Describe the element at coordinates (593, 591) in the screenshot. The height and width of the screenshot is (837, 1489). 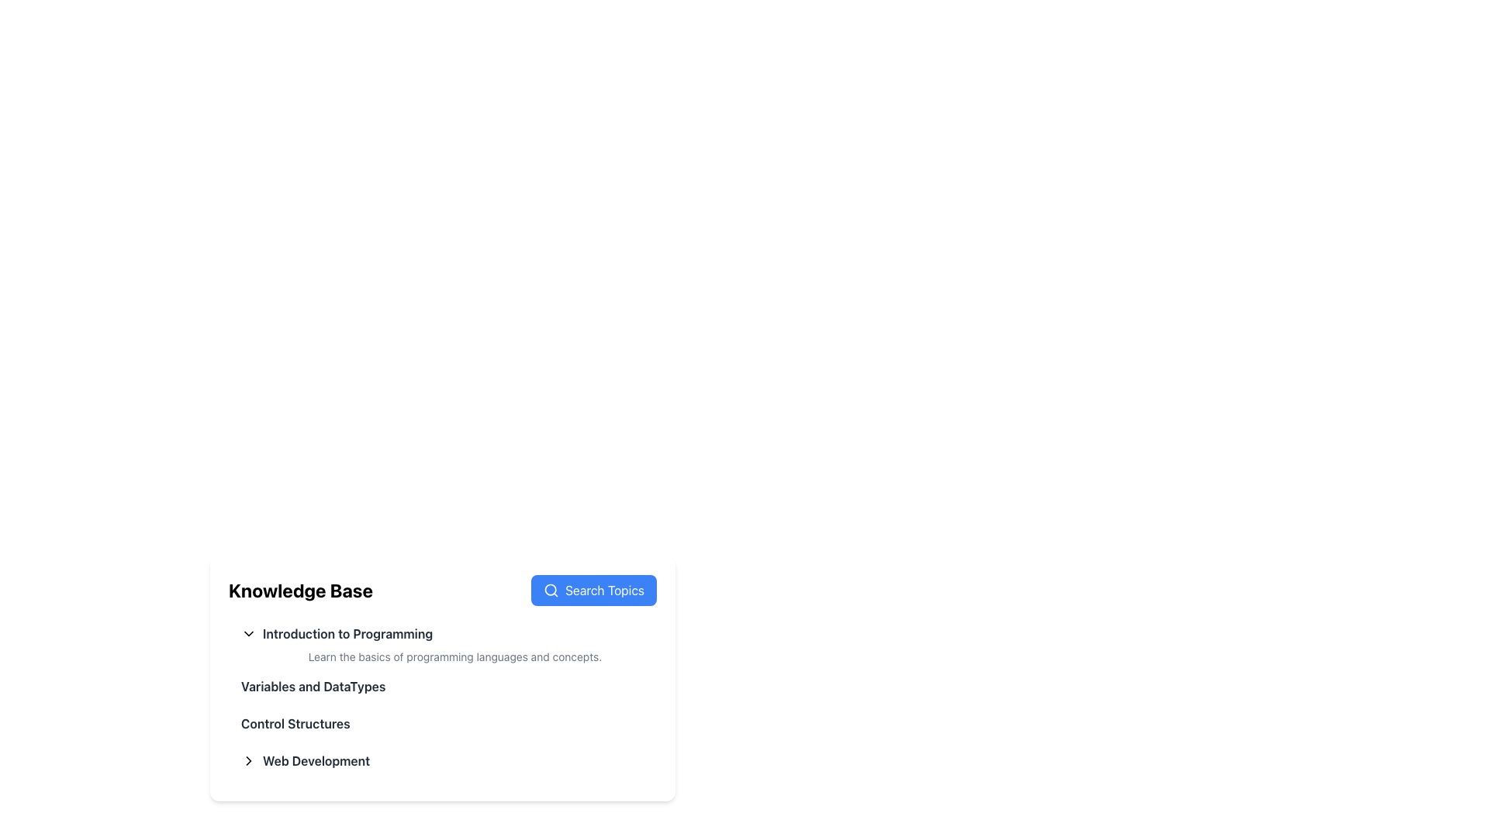
I see `the 'Search Topics' button, which is a rounded rectangular button with a blue background and a white text label` at that location.